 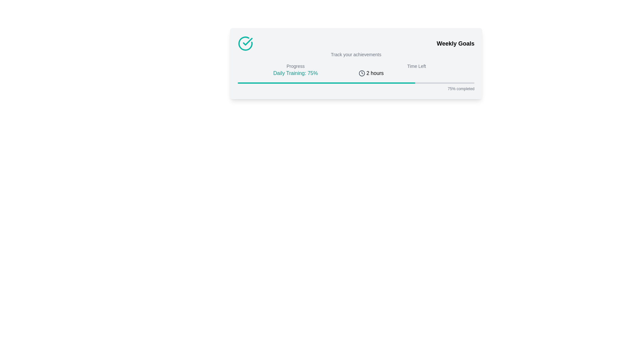 What do you see at coordinates (247, 41) in the screenshot?
I see `the completed state icon located in the upper left quadrant of the card-like UI component` at bounding box center [247, 41].